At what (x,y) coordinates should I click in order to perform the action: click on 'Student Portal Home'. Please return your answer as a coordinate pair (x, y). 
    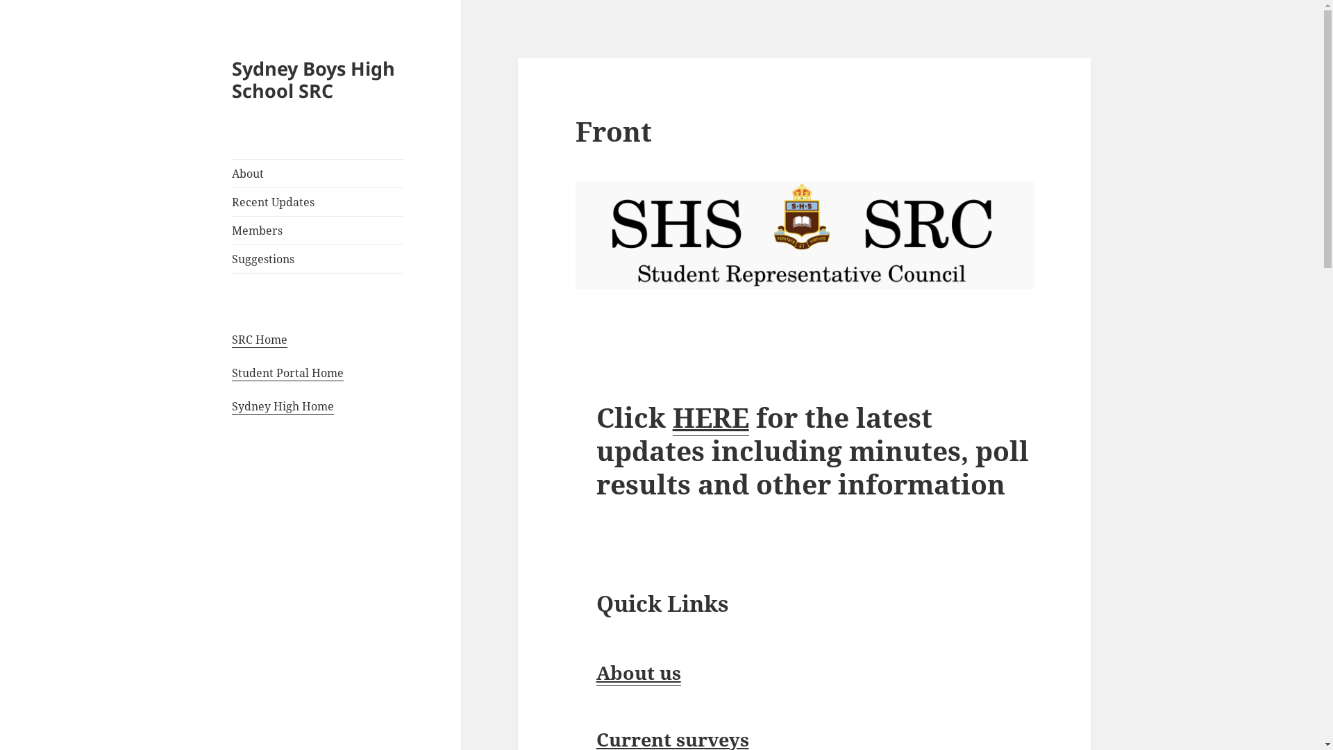
    Looking at the image, I should click on (287, 372).